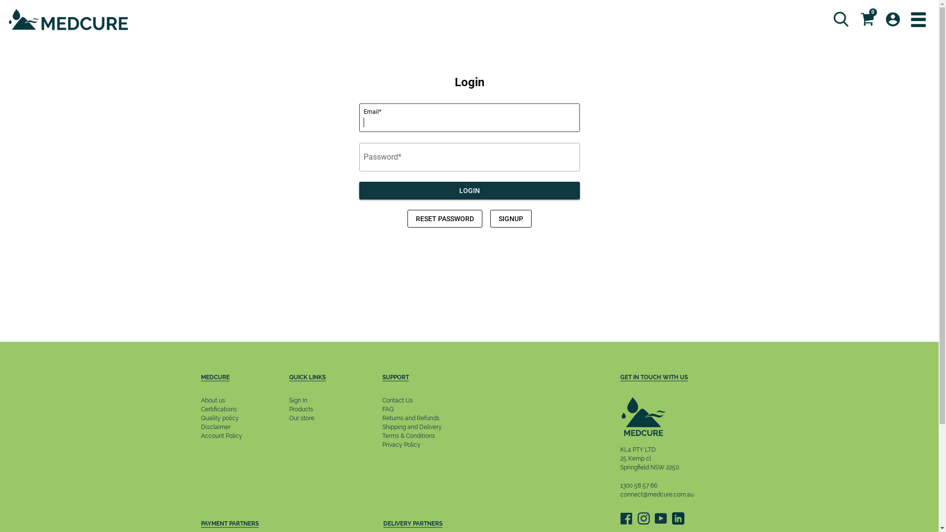  I want to click on 'About us', so click(201, 400).